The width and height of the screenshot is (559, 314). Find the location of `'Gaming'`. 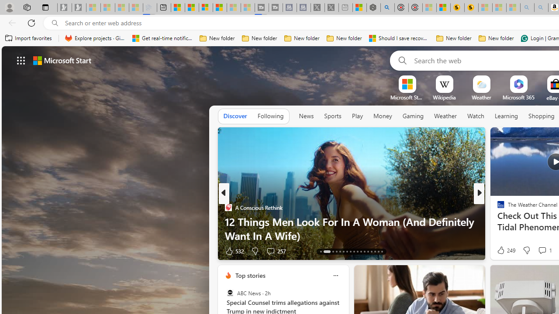

'Gaming' is located at coordinates (412, 116).